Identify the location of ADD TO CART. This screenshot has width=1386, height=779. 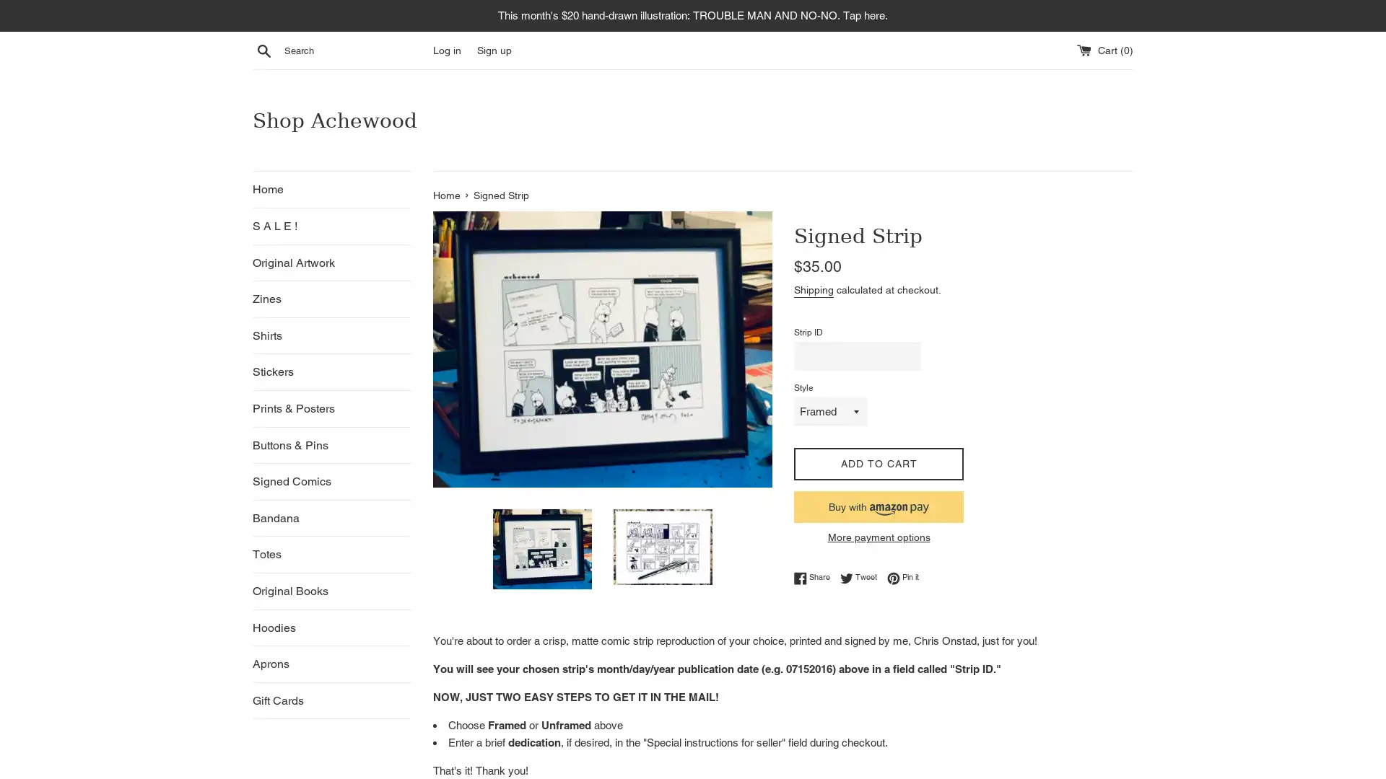
(878, 464).